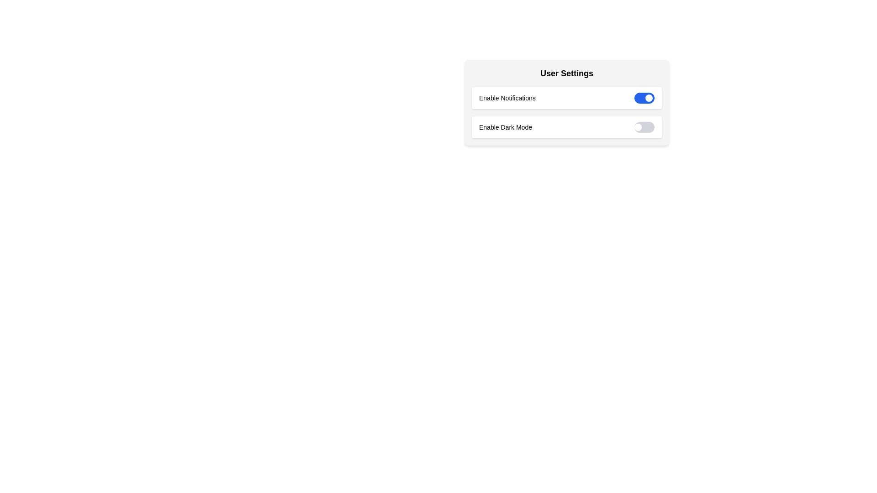 This screenshot has width=877, height=493. Describe the element at coordinates (566, 112) in the screenshot. I see `the toggle switch in the 'User Settings' panel section that contains 'Enable Notifications' and 'Enable Dark Mode'` at that location.